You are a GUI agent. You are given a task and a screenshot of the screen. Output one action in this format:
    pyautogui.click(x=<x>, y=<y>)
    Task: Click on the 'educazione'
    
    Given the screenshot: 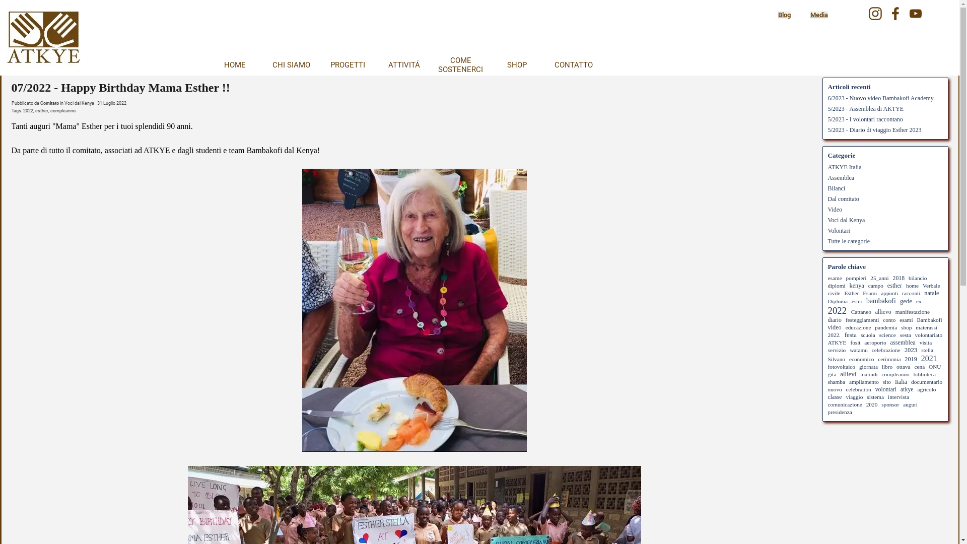 What is the action you would take?
    pyautogui.click(x=858, y=327)
    